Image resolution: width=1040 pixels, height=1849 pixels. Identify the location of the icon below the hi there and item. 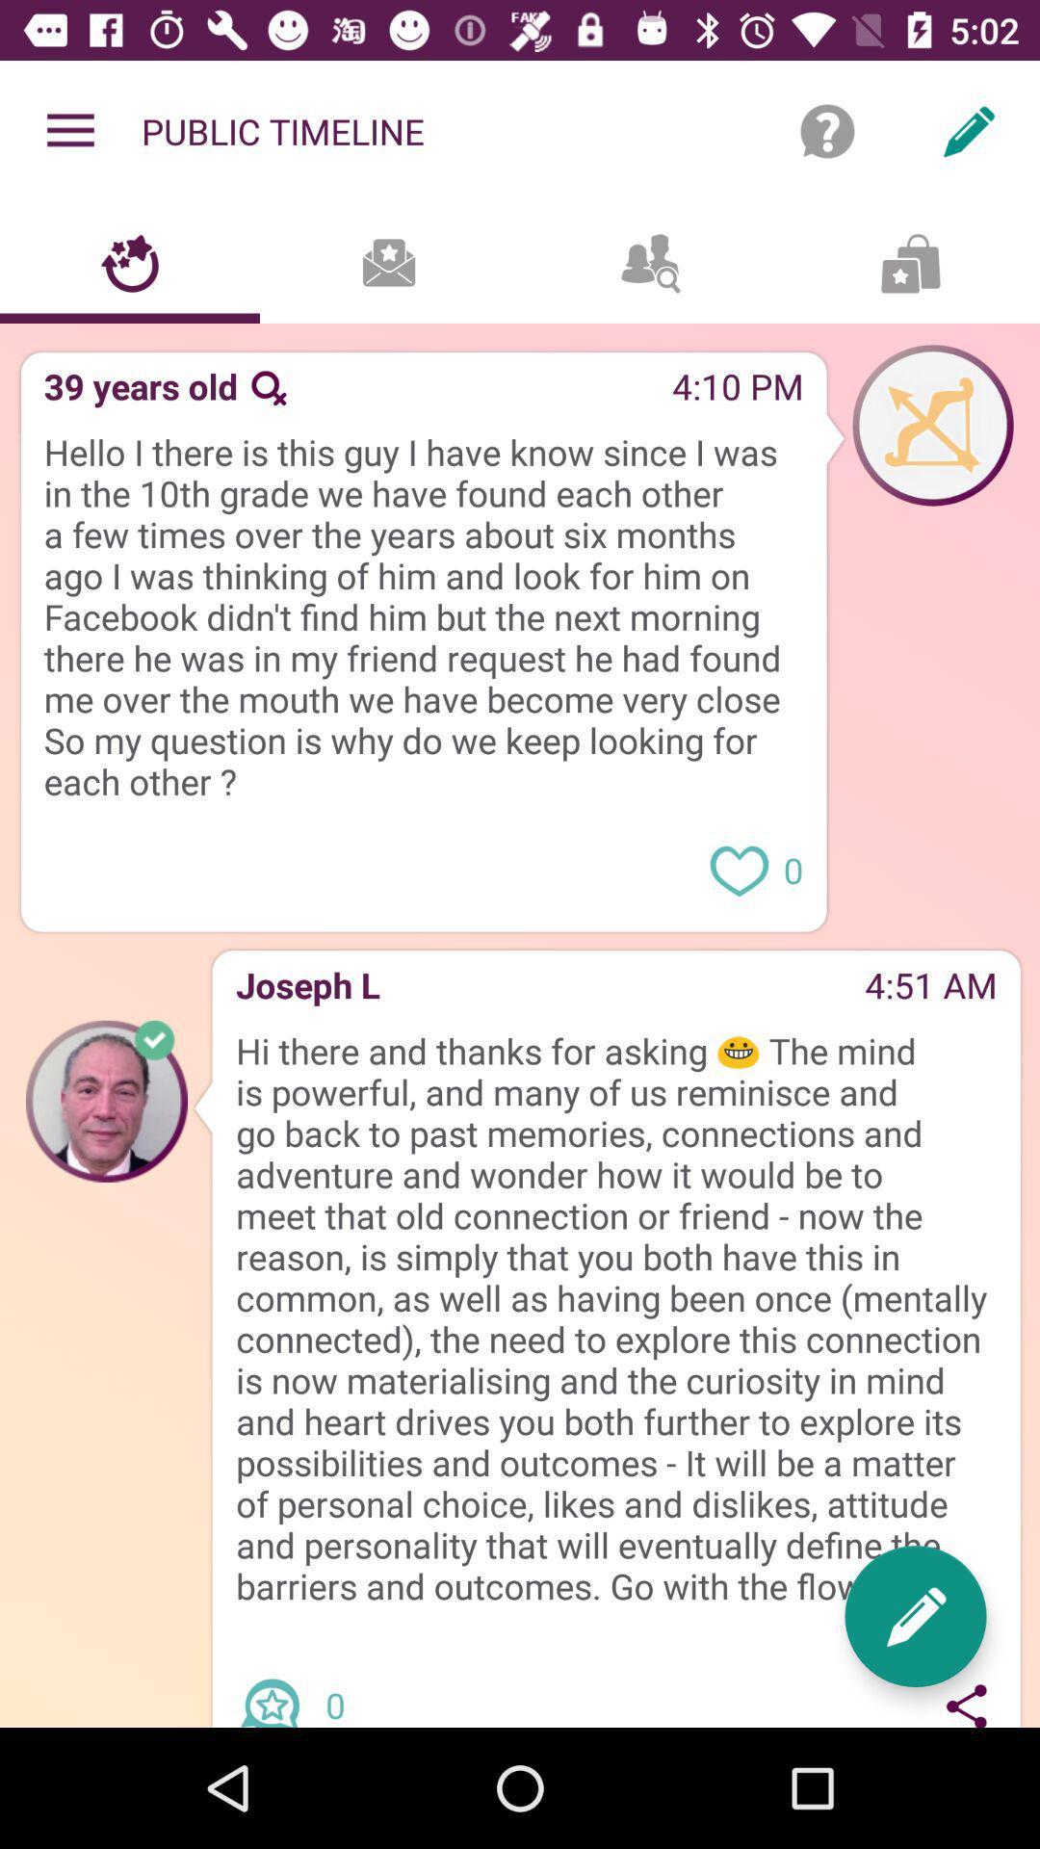
(277, 1685).